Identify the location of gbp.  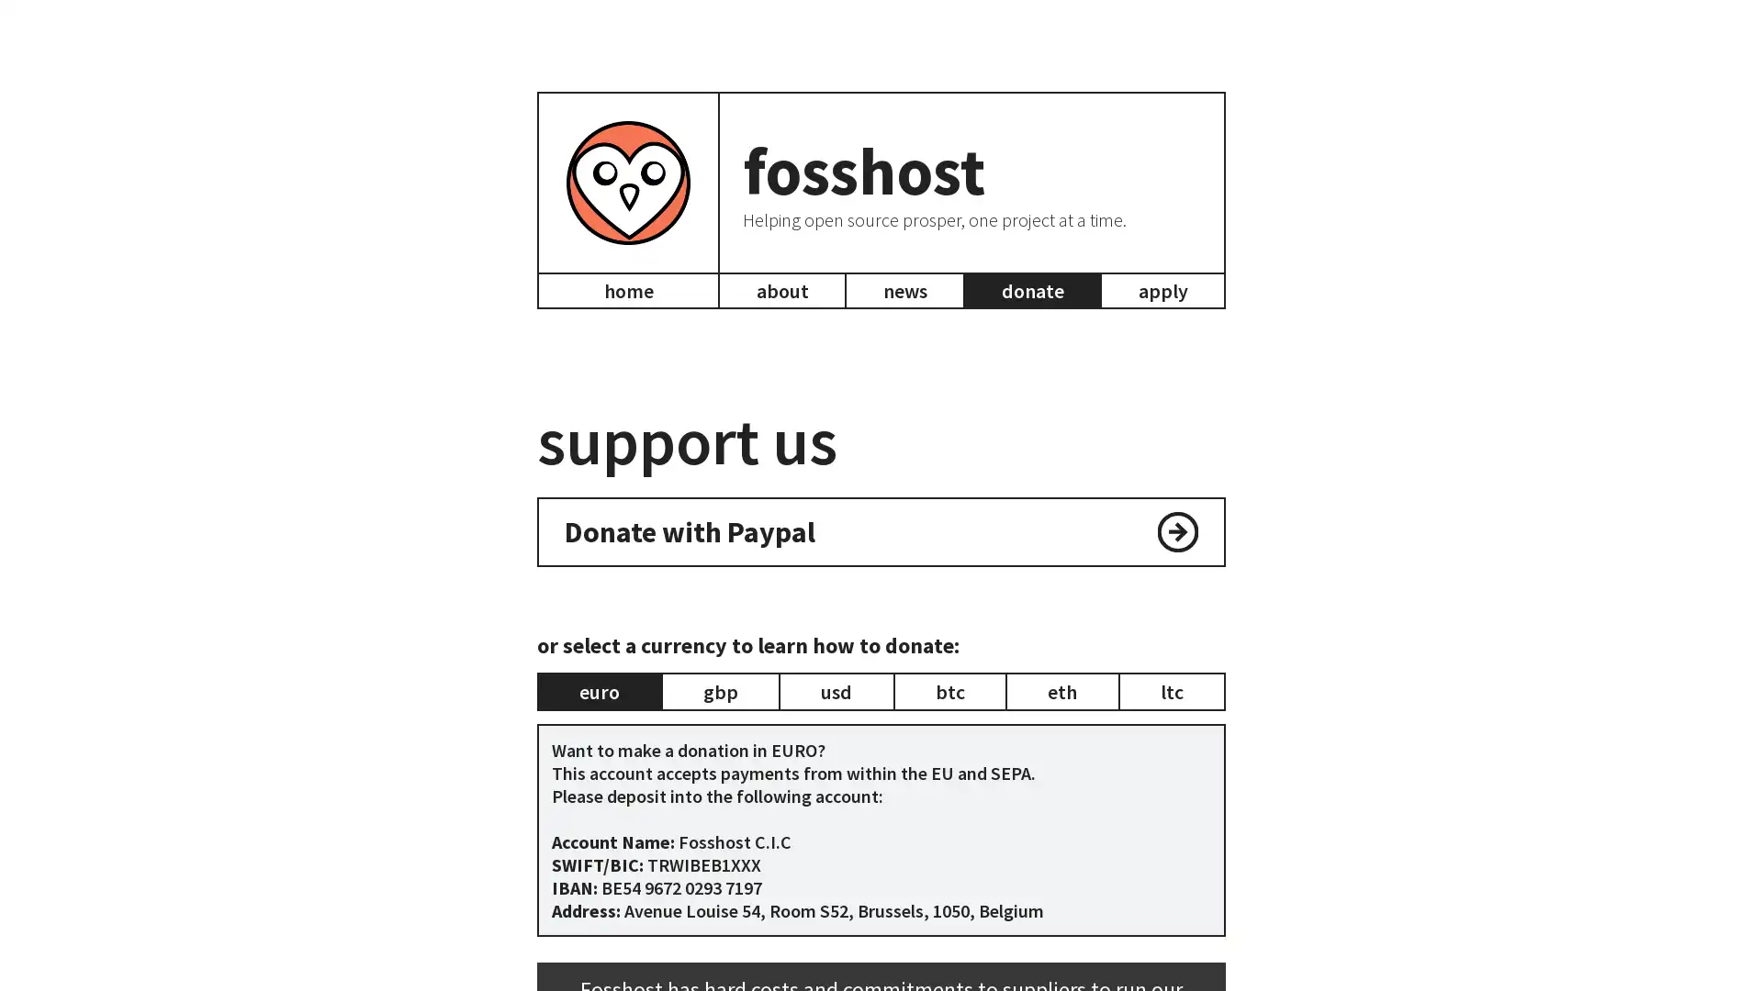
(719, 691).